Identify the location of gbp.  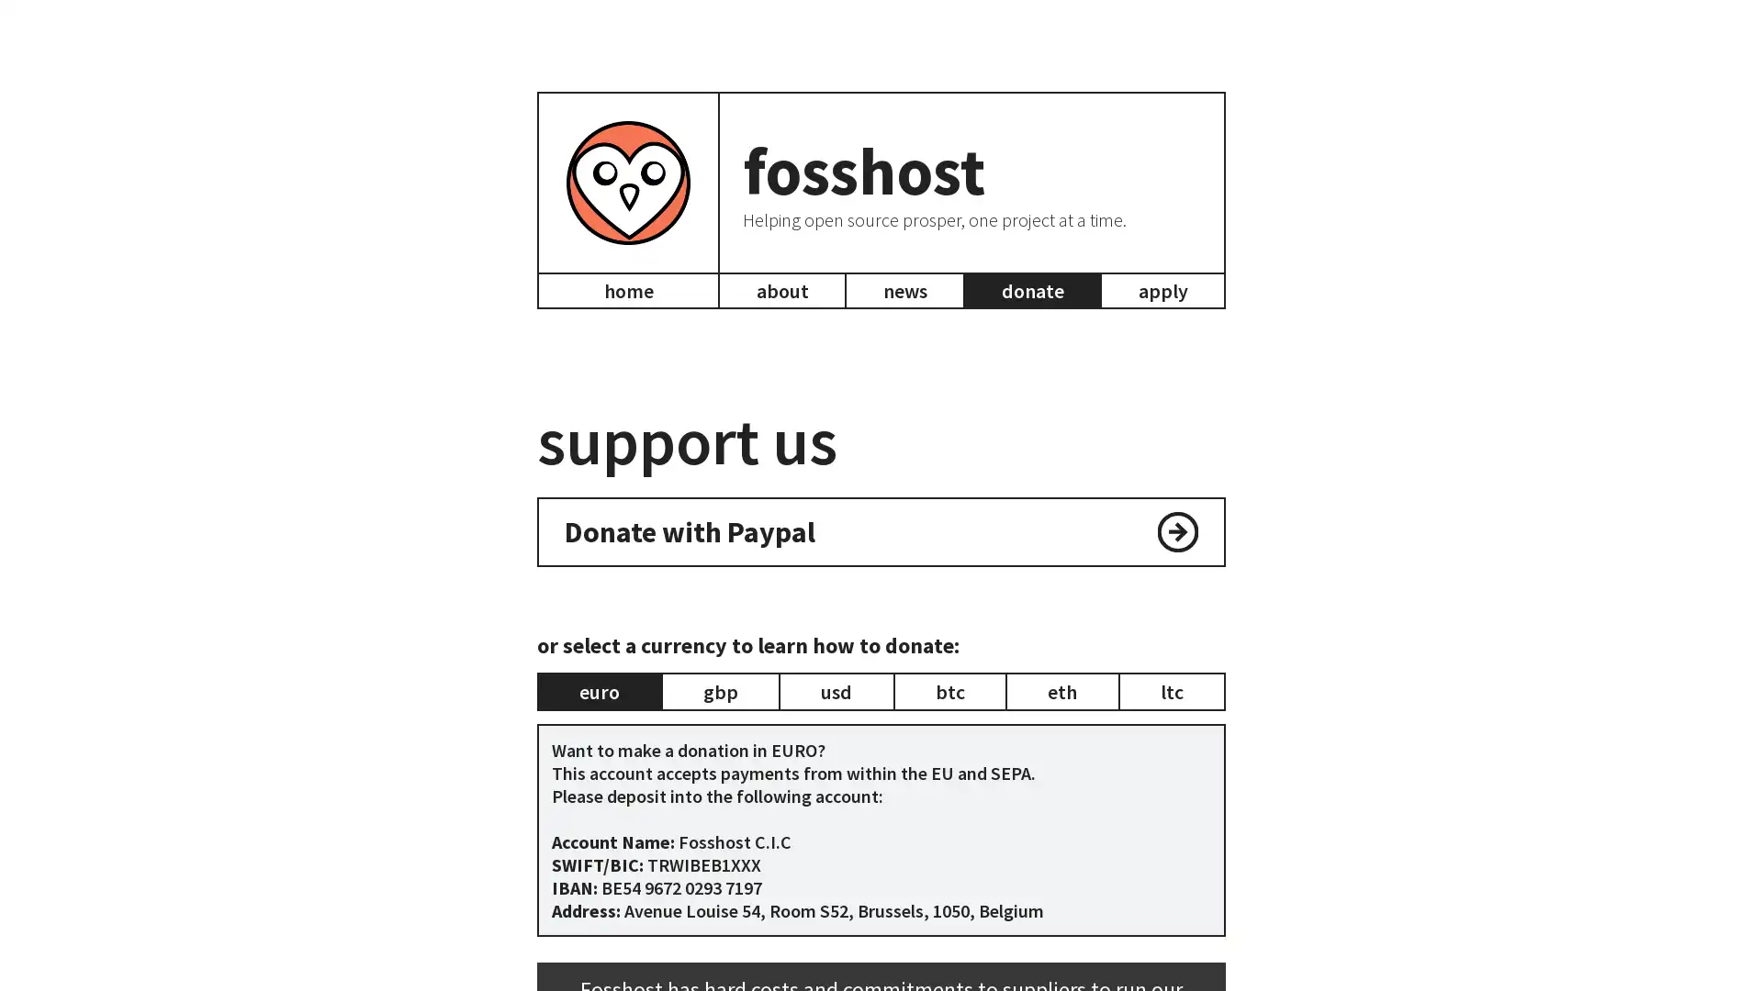
(719, 691).